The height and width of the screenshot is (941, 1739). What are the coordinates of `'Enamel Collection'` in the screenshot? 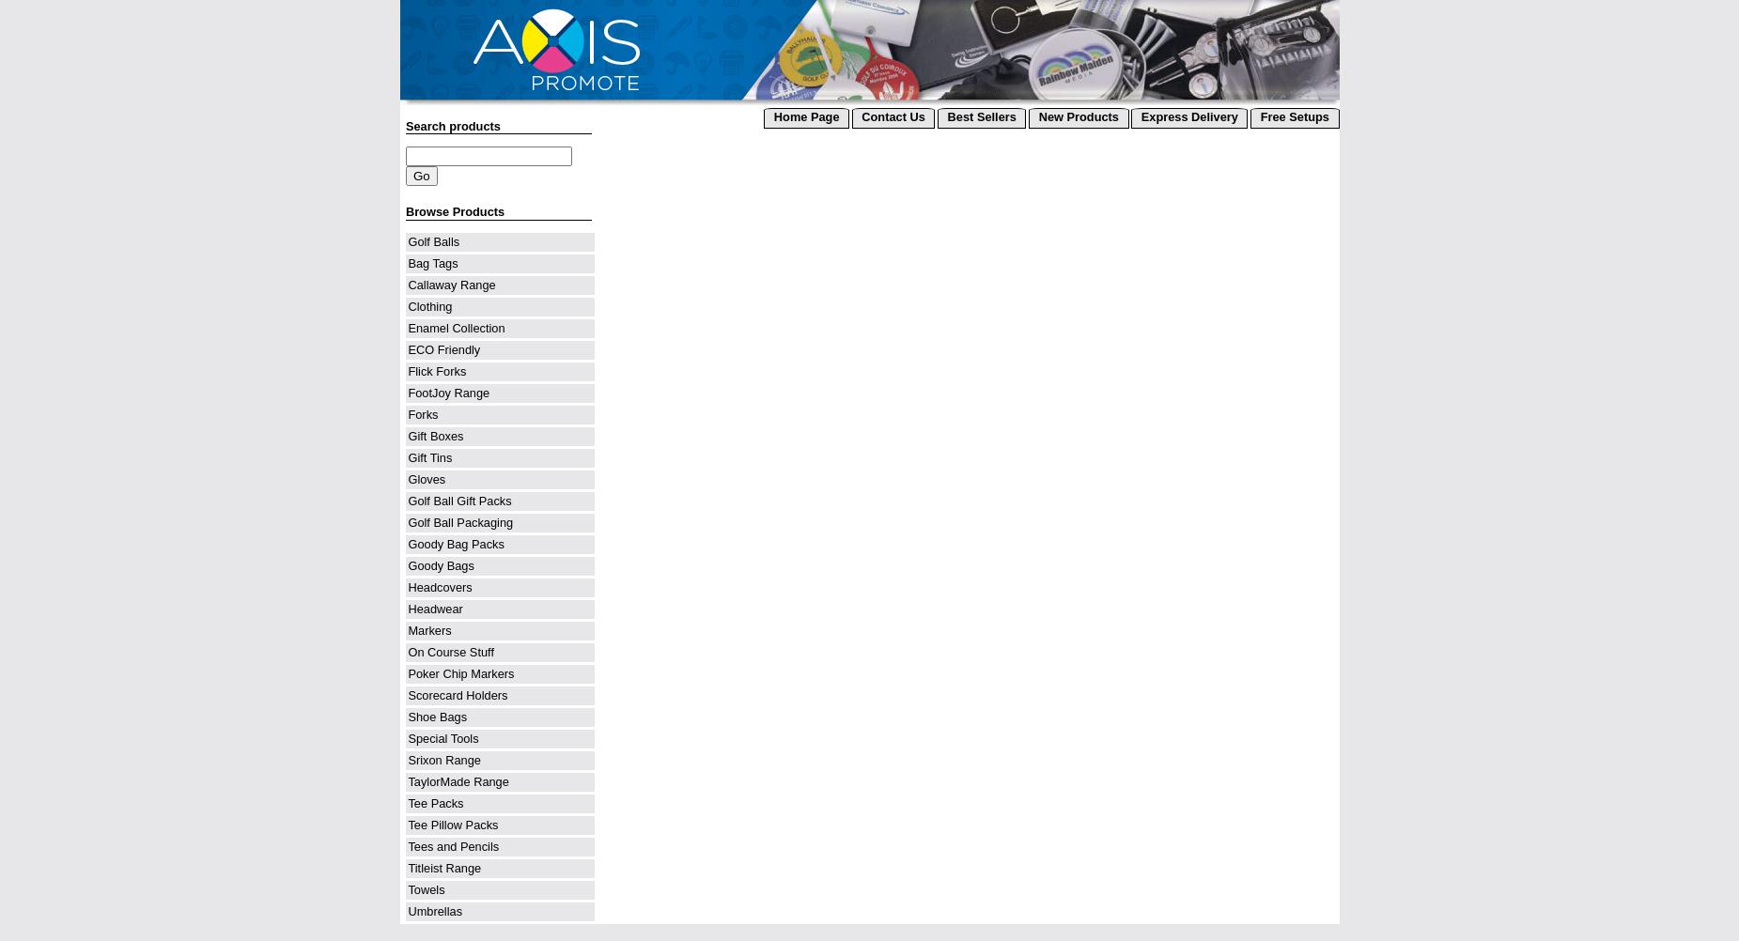 It's located at (456, 328).